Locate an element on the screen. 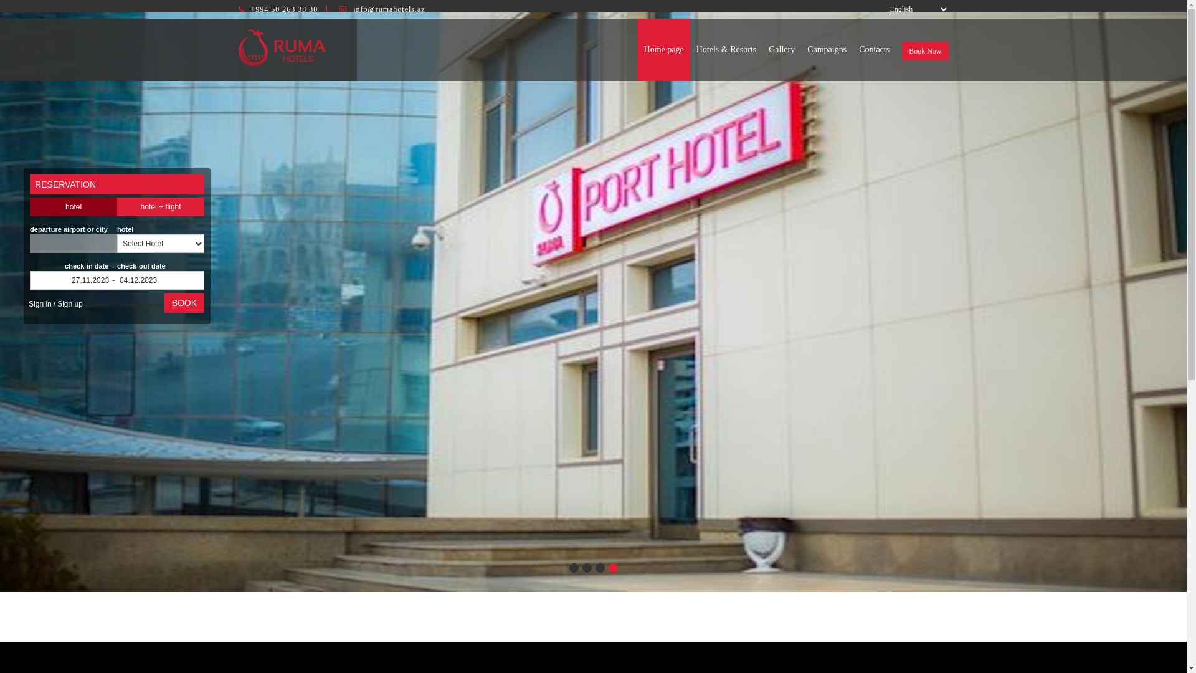  'info@rumahotels.az' is located at coordinates (388, 9).